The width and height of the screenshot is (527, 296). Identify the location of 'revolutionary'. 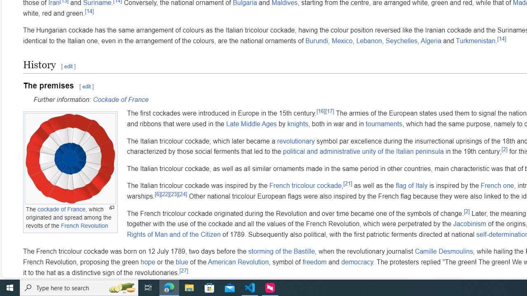
(296, 141).